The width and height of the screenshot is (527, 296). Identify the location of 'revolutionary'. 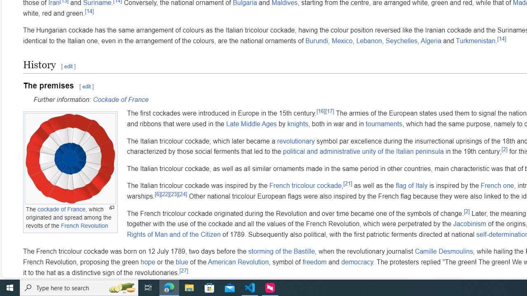
(296, 141).